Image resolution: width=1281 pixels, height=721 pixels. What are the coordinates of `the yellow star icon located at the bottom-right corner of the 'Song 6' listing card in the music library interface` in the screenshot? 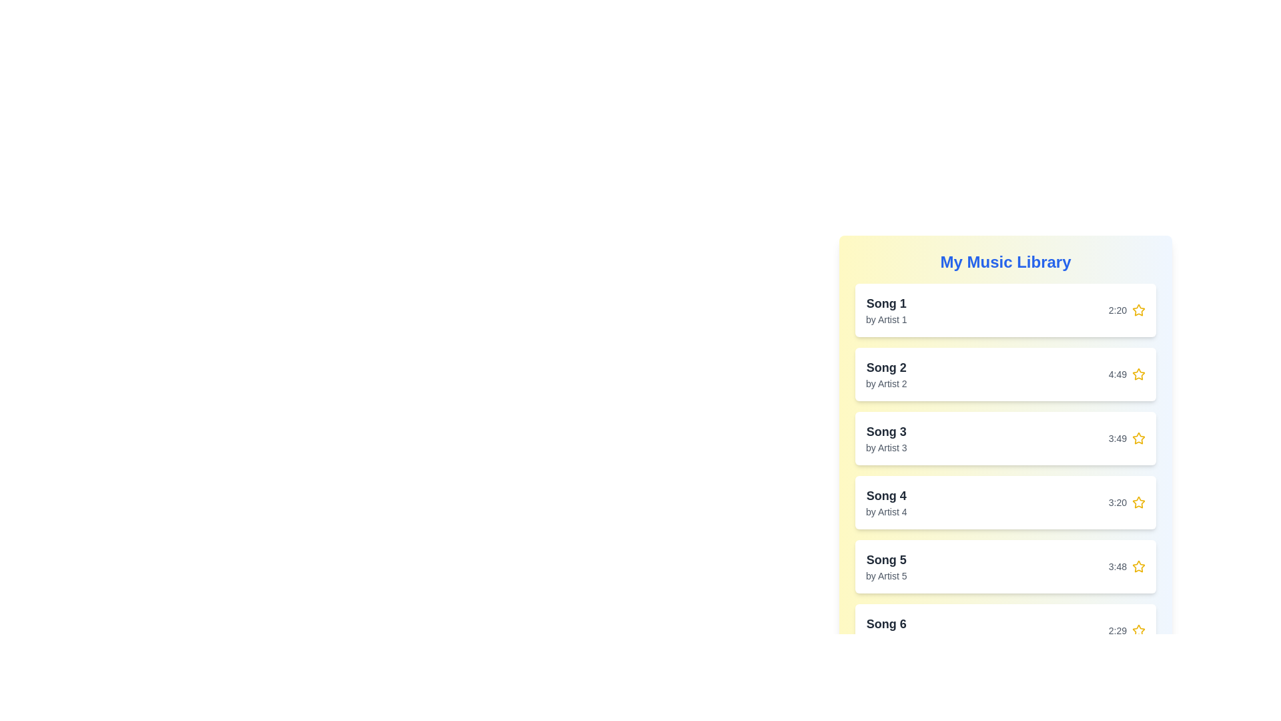 It's located at (1126, 631).